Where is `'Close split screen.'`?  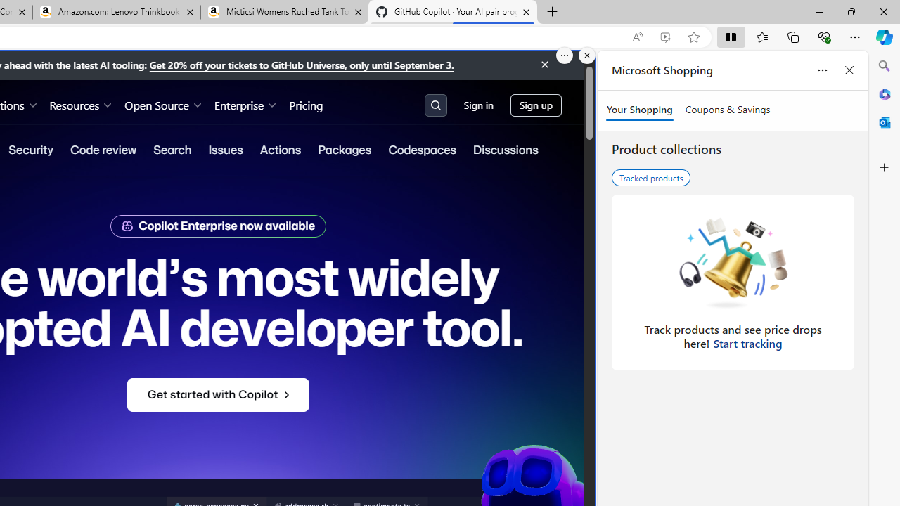 'Close split screen.' is located at coordinates (587, 55).